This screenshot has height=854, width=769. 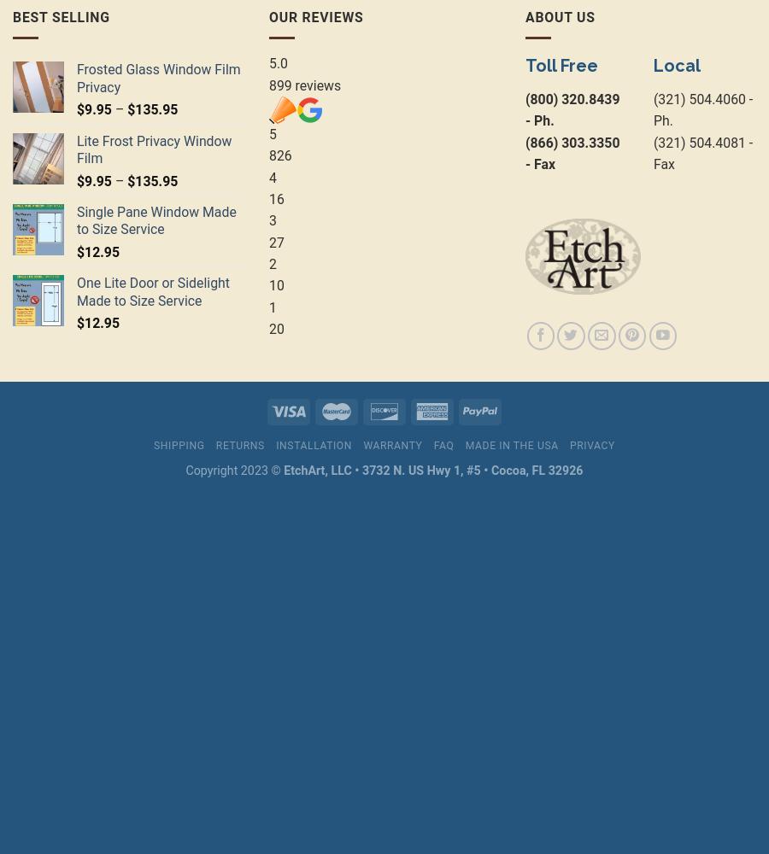 I want to click on 'Copyright 2023 ©', so click(x=233, y=470).